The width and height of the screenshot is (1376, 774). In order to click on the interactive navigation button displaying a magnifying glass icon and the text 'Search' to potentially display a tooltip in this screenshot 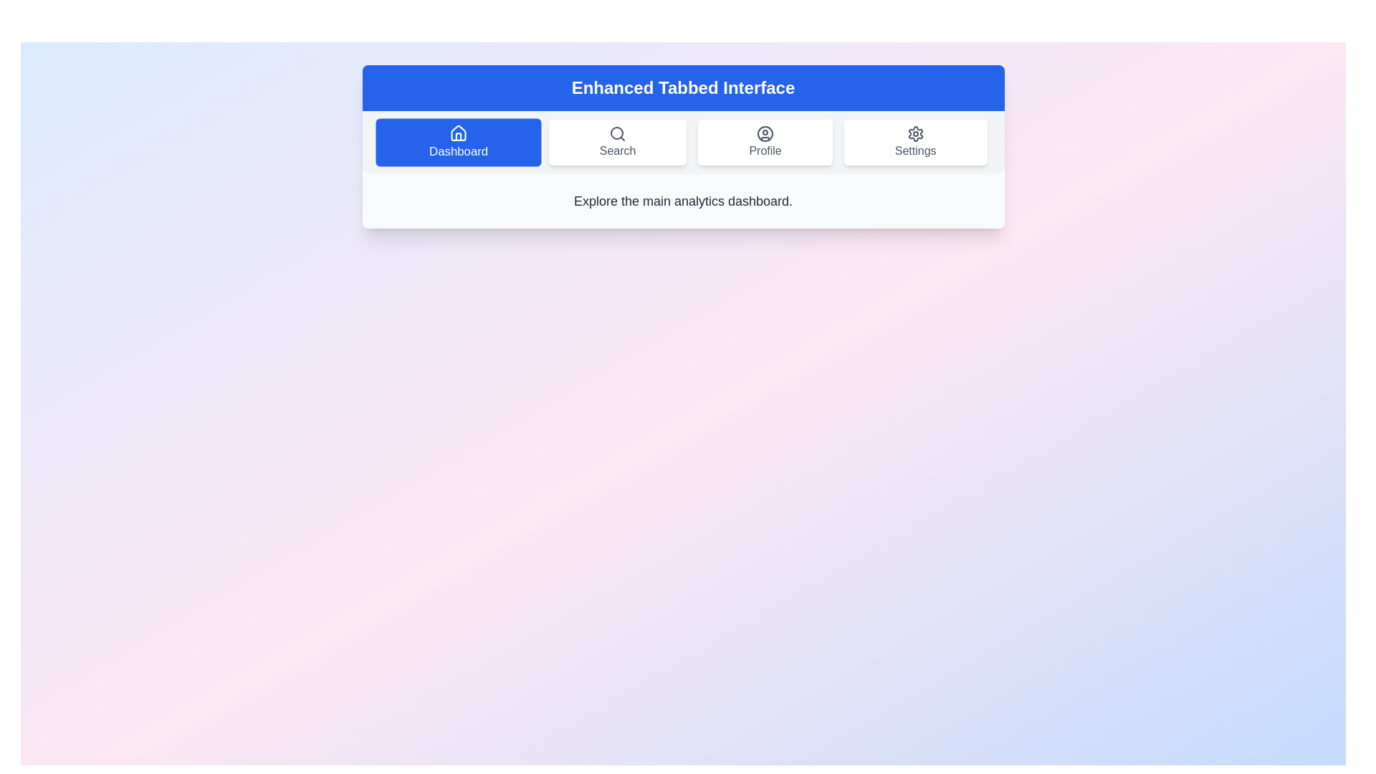, I will do `click(618, 143)`.